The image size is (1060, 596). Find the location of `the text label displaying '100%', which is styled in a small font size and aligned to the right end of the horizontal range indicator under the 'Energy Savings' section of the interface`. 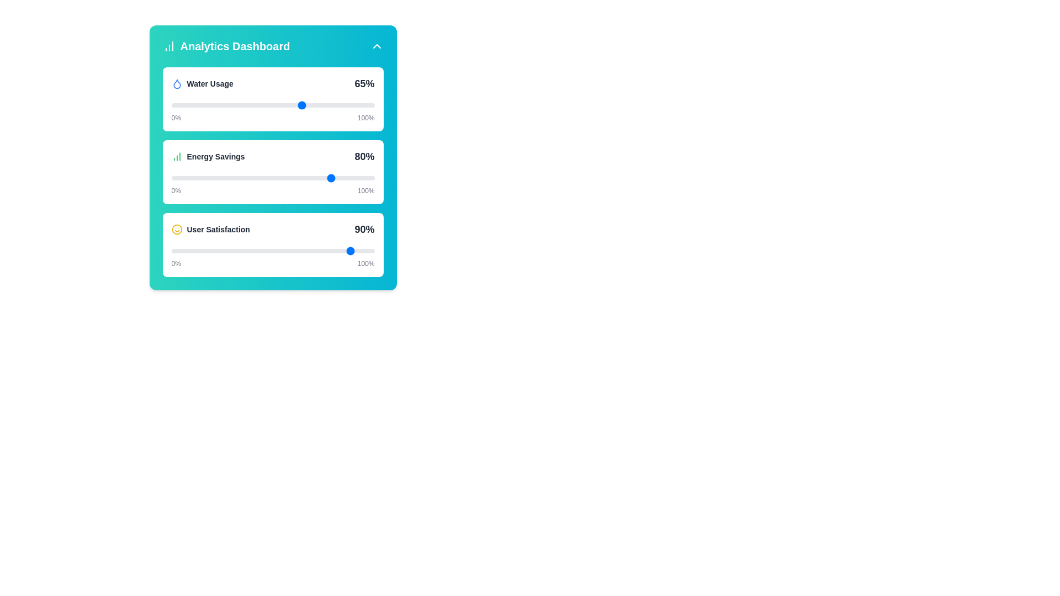

the text label displaying '100%', which is styled in a small font size and aligned to the right end of the horizontal range indicator under the 'Energy Savings' section of the interface is located at coordinates (366, 190).